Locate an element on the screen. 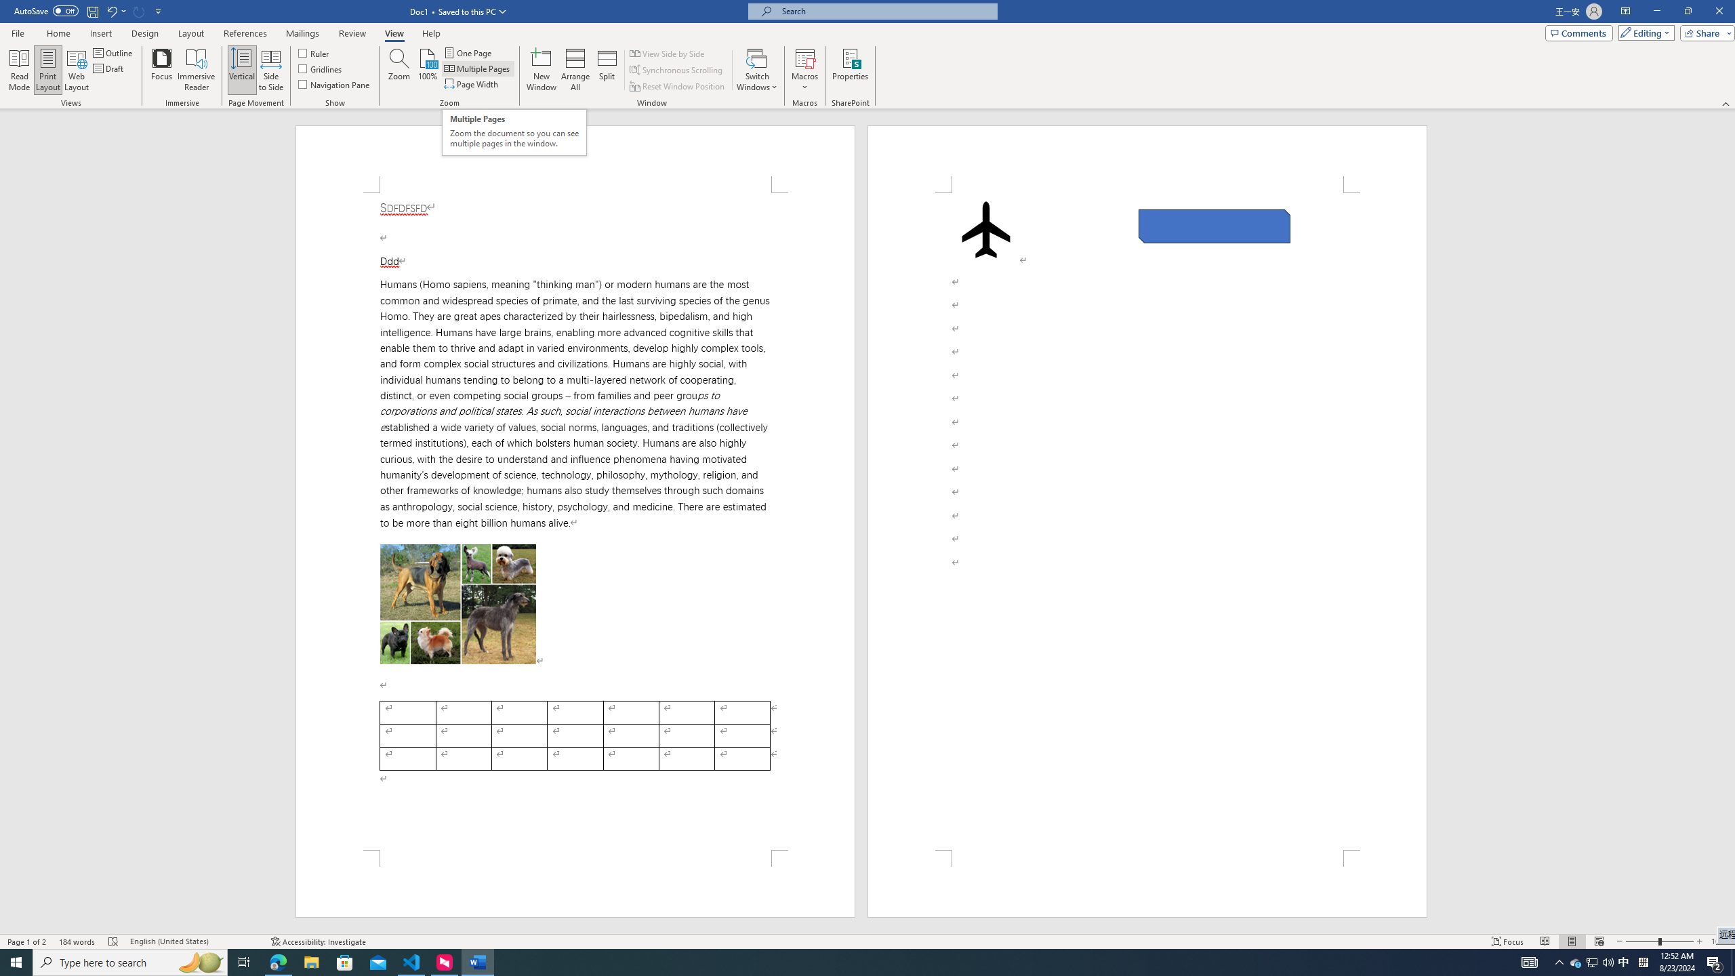  'Draft' is located at coordinates (108, 67).